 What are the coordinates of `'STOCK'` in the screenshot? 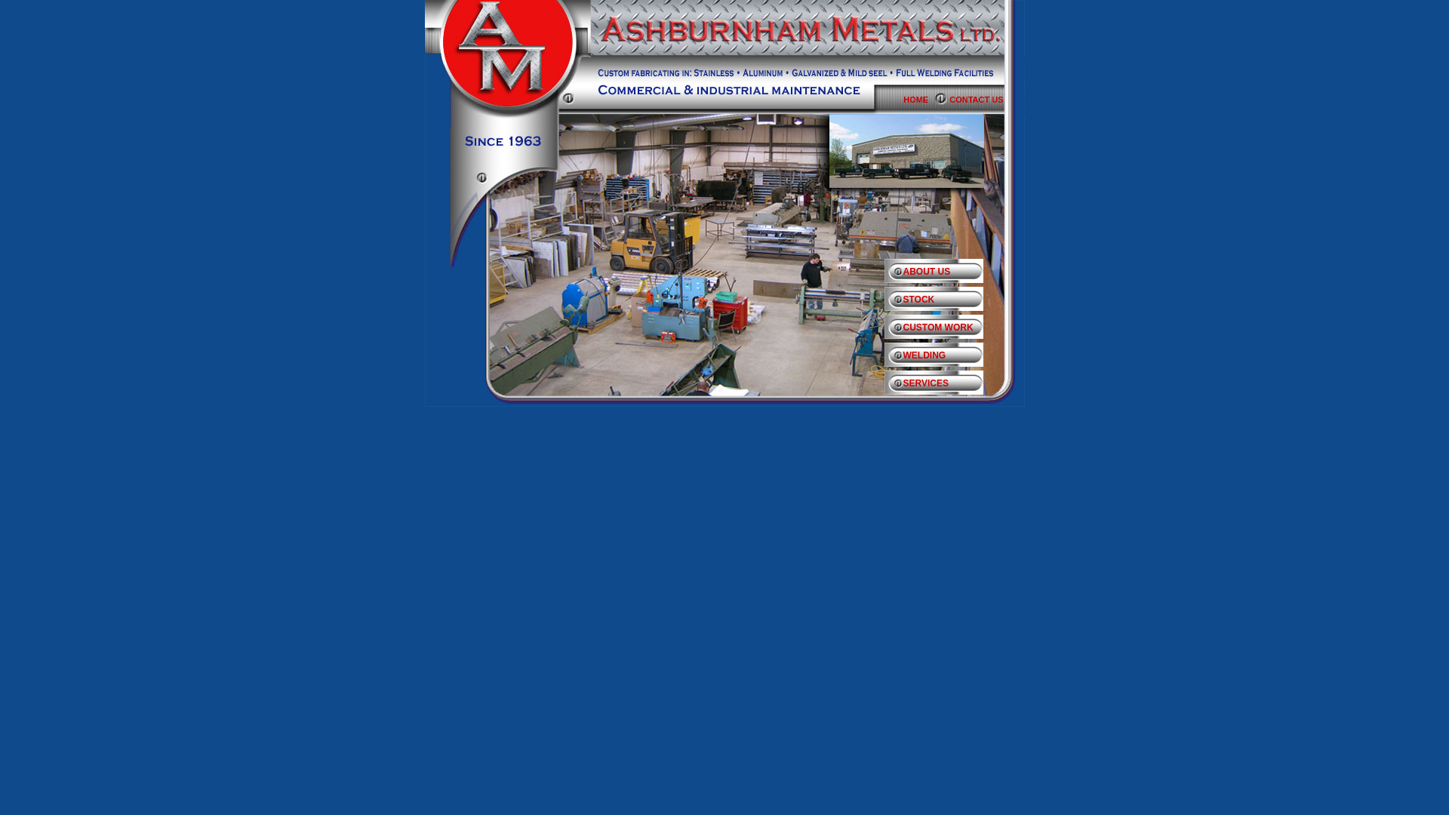 It's located at (942, 303).